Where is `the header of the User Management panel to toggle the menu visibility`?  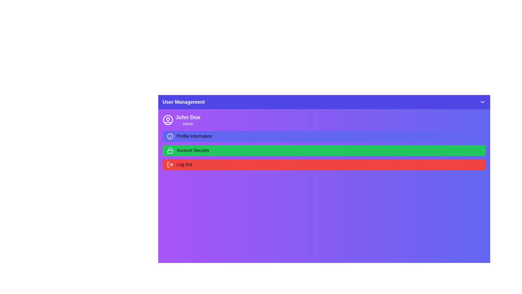 the header of the User Management panel to toggle the menu visibility is located at coordinates (324, 102).